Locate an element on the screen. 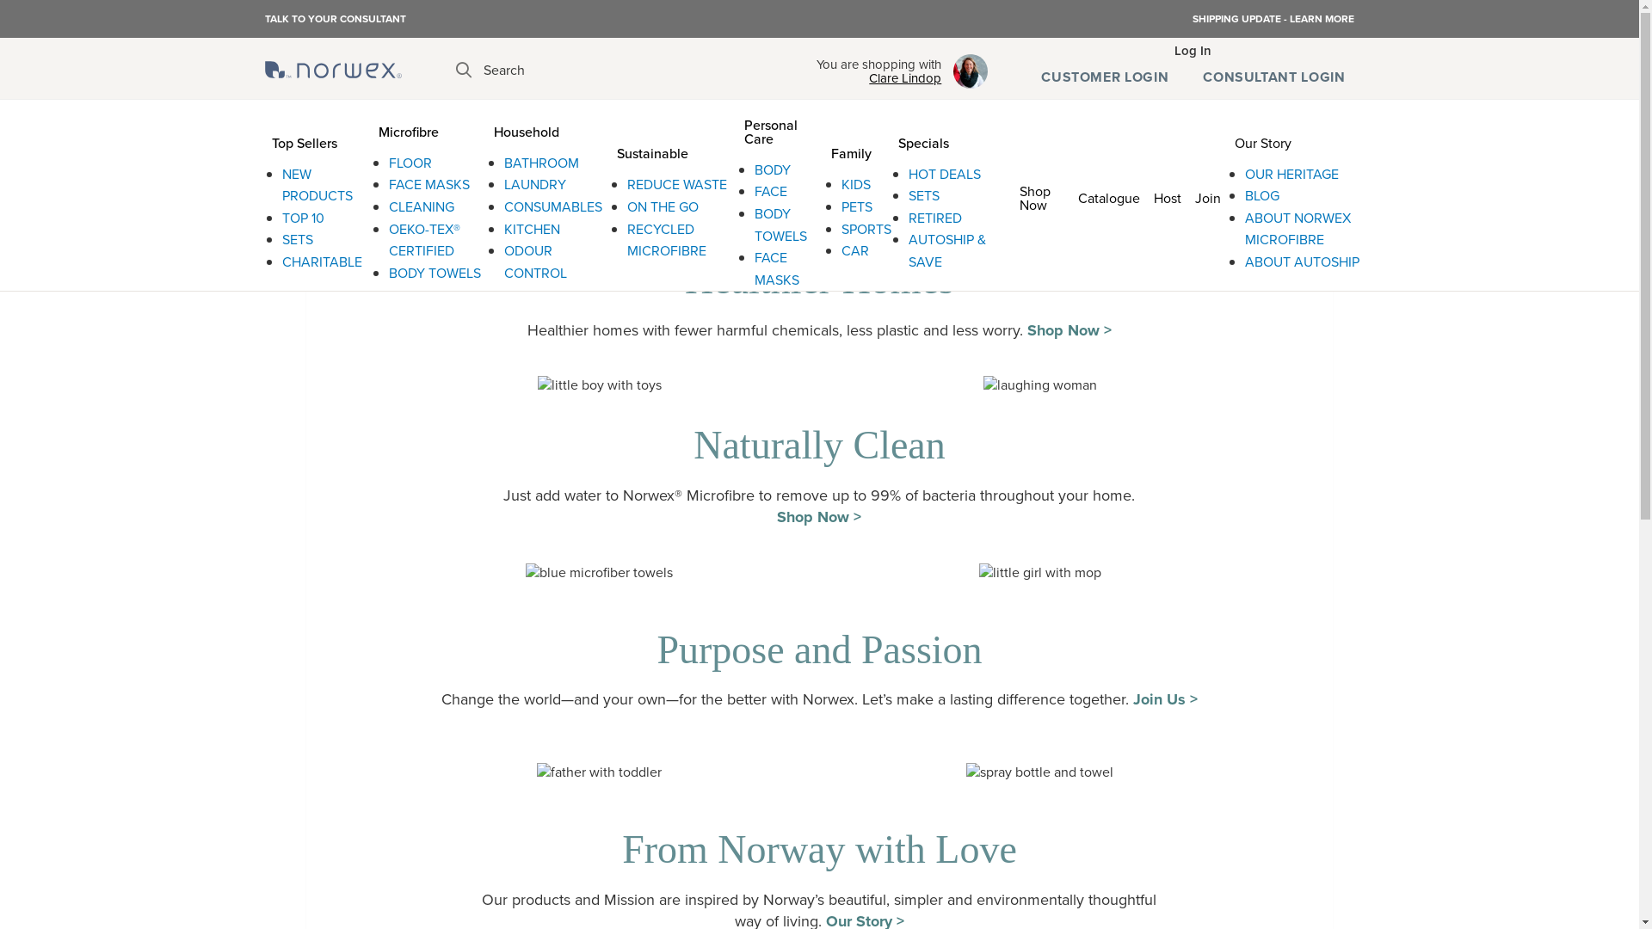 The image size is (1652, 929). 'CAR' is located at coordinates (854, 250).